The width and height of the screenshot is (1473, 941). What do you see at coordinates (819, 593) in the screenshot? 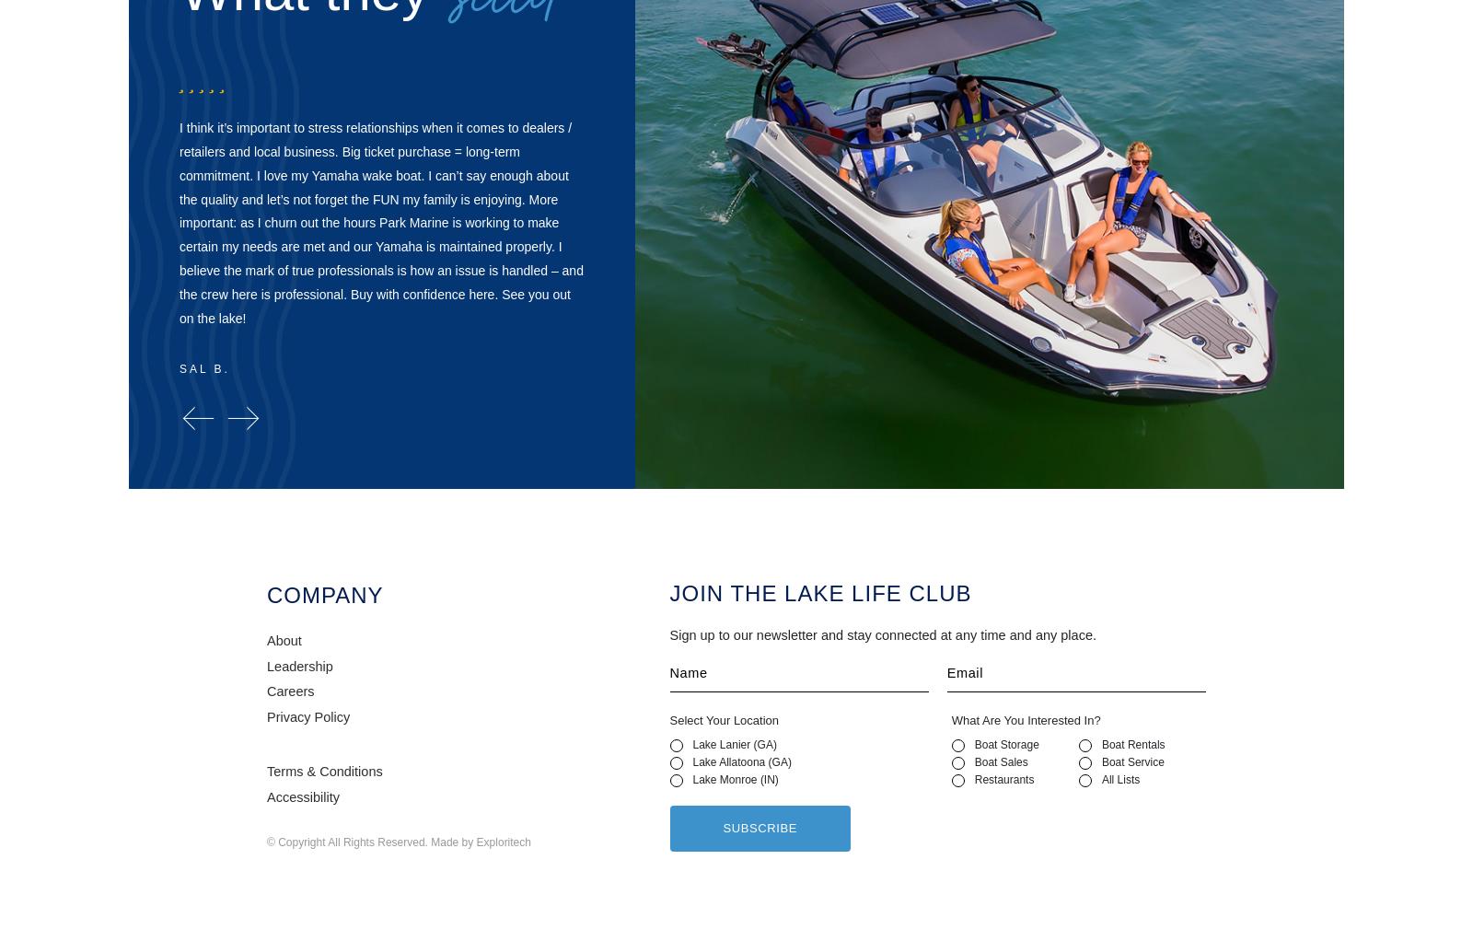
I see `'Join the Lake Life Club'` at bounding box center [819, 593].